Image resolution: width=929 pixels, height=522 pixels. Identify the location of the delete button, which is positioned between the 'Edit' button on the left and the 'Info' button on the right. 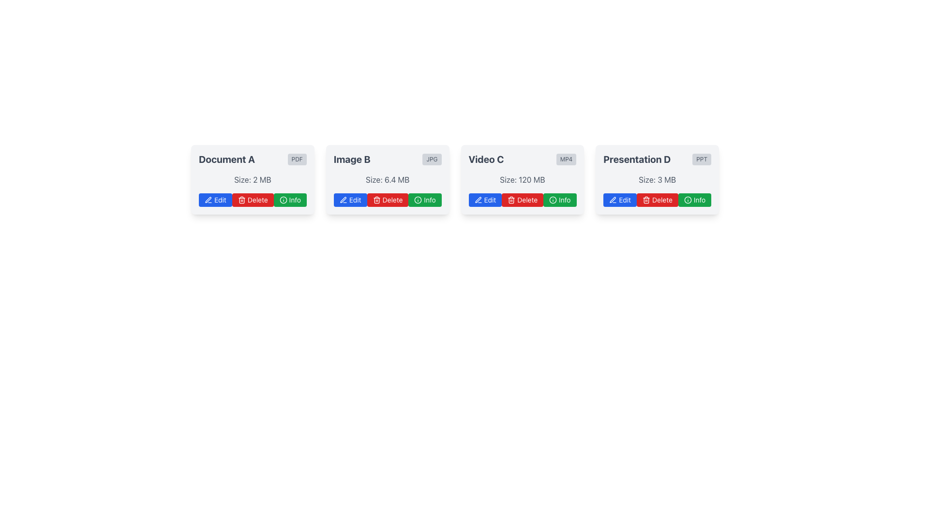
(657, 199).